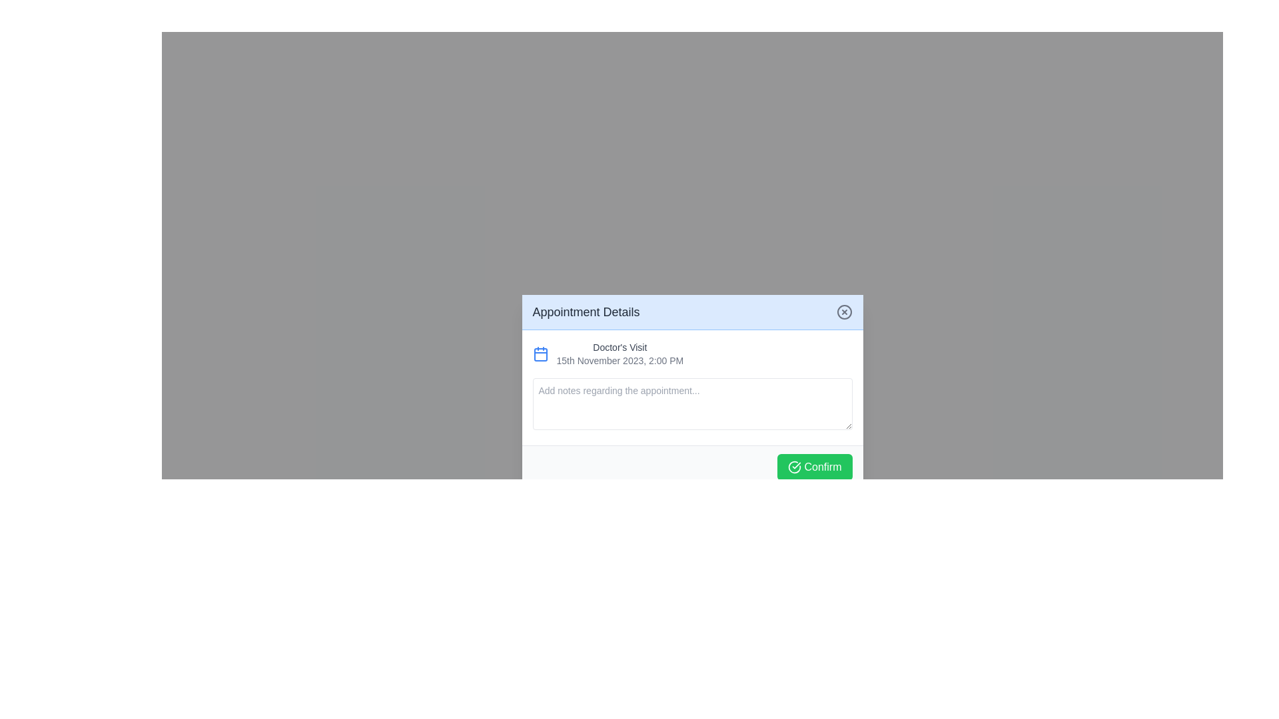 The width and height of the screenshot is (1279, 719). What do you see at coordinates (540, 353) in the screenshot?
I see `the calendar icon located to the far left of the 'Doctor's Visit' title and the date '15th November 2023, 2:00 PM'` at bounding box center [540, 353].